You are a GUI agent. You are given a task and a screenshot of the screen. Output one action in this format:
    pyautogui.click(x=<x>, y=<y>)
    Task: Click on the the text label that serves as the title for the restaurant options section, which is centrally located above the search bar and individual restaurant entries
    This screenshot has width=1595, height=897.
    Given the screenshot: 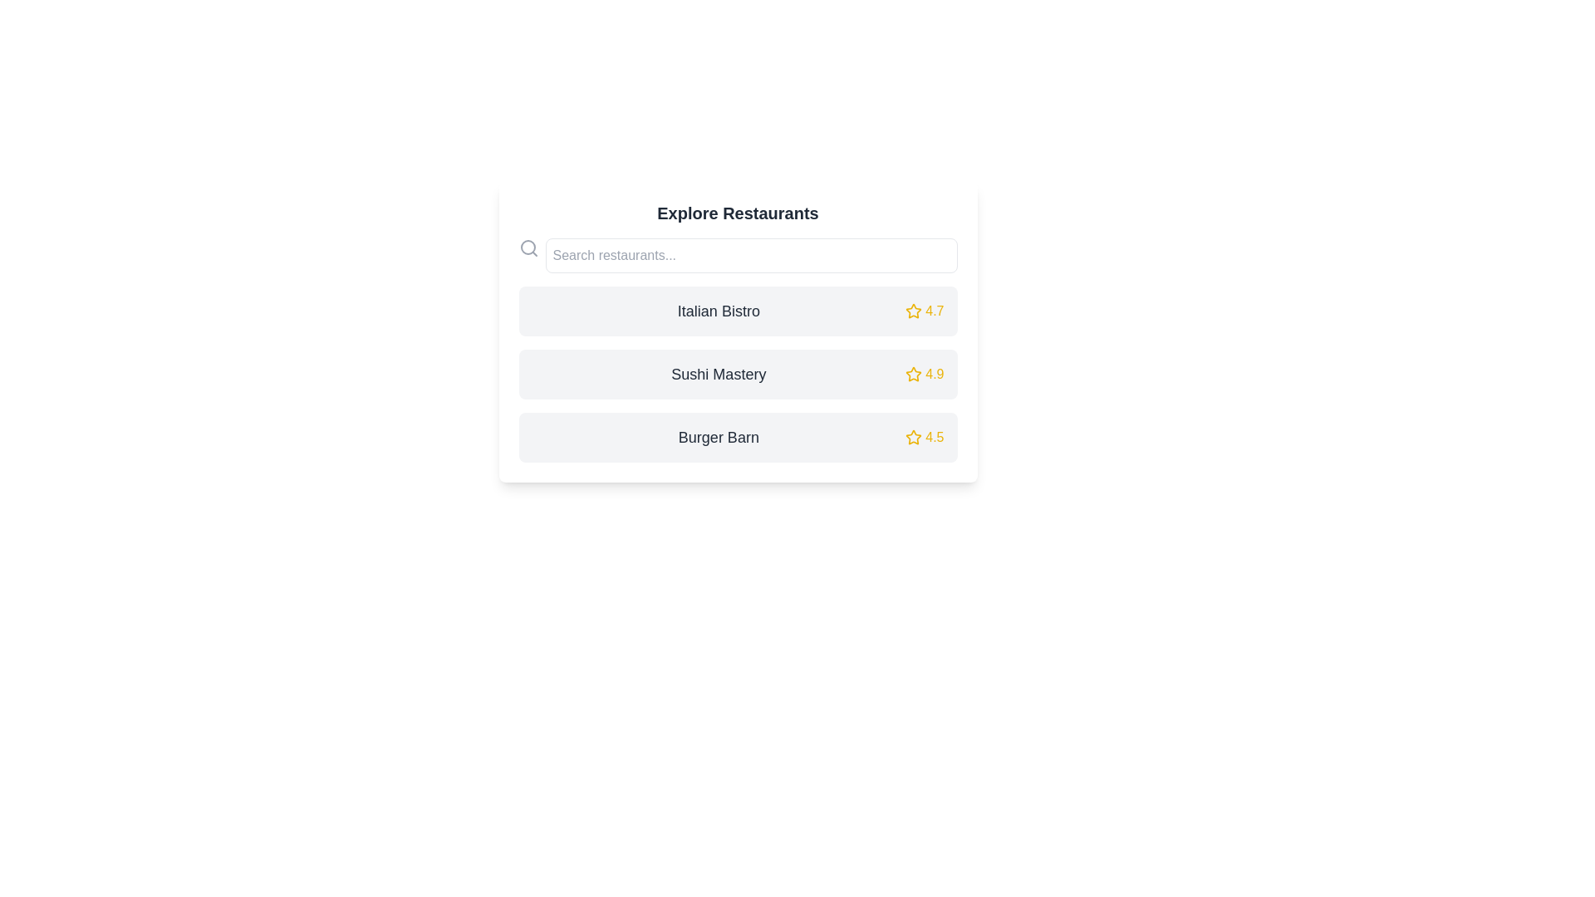 What is the action you would take?
    pyautogui.click(x=737, y=213)
    